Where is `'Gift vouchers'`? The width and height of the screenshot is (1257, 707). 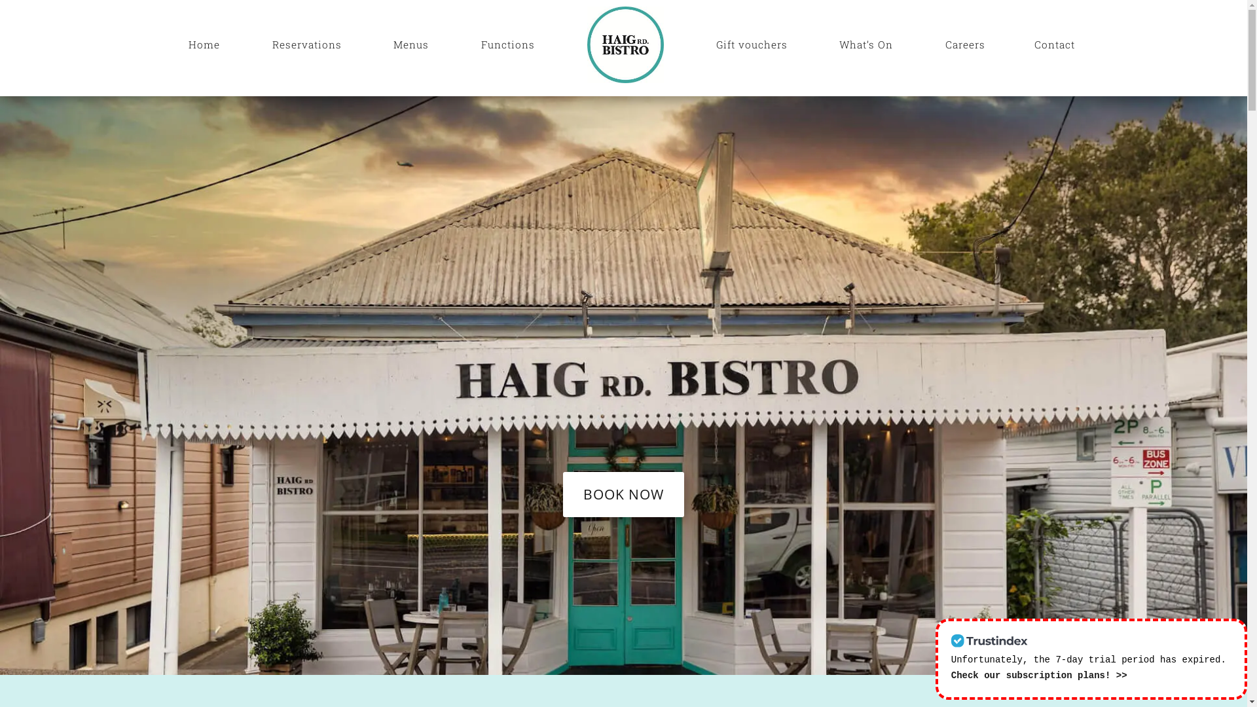 'Gift vouchers' is located at coordinates (752, 44).